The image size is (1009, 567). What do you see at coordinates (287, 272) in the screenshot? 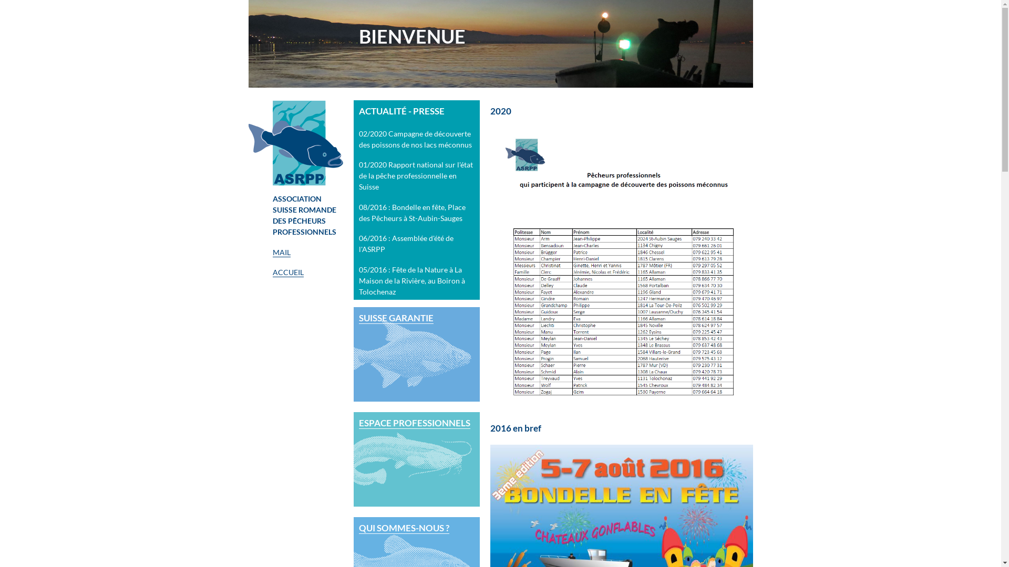
I see `'ACCUEIL'` at bounding box center [287, 272].